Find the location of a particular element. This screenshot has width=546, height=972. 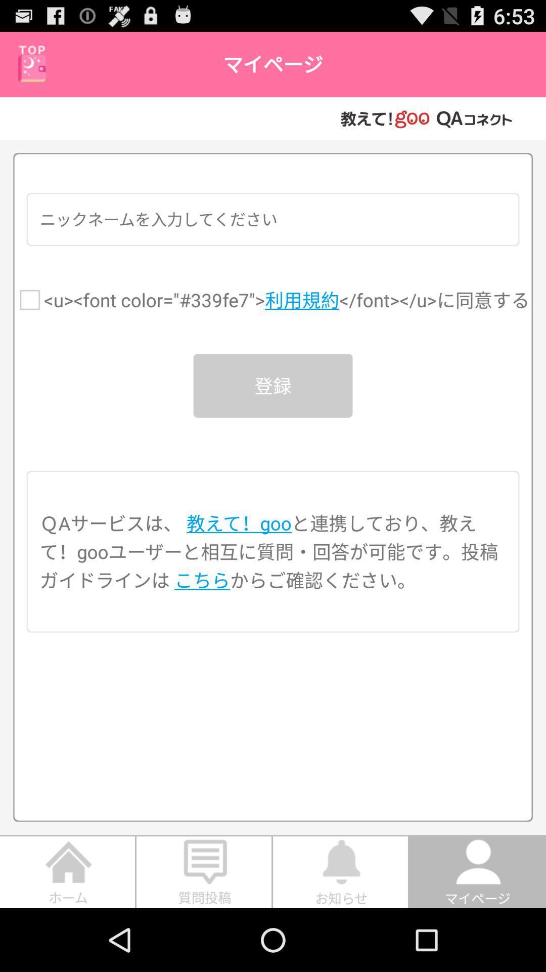

the icon next to u font color icon is located at coordinates (29, 299).